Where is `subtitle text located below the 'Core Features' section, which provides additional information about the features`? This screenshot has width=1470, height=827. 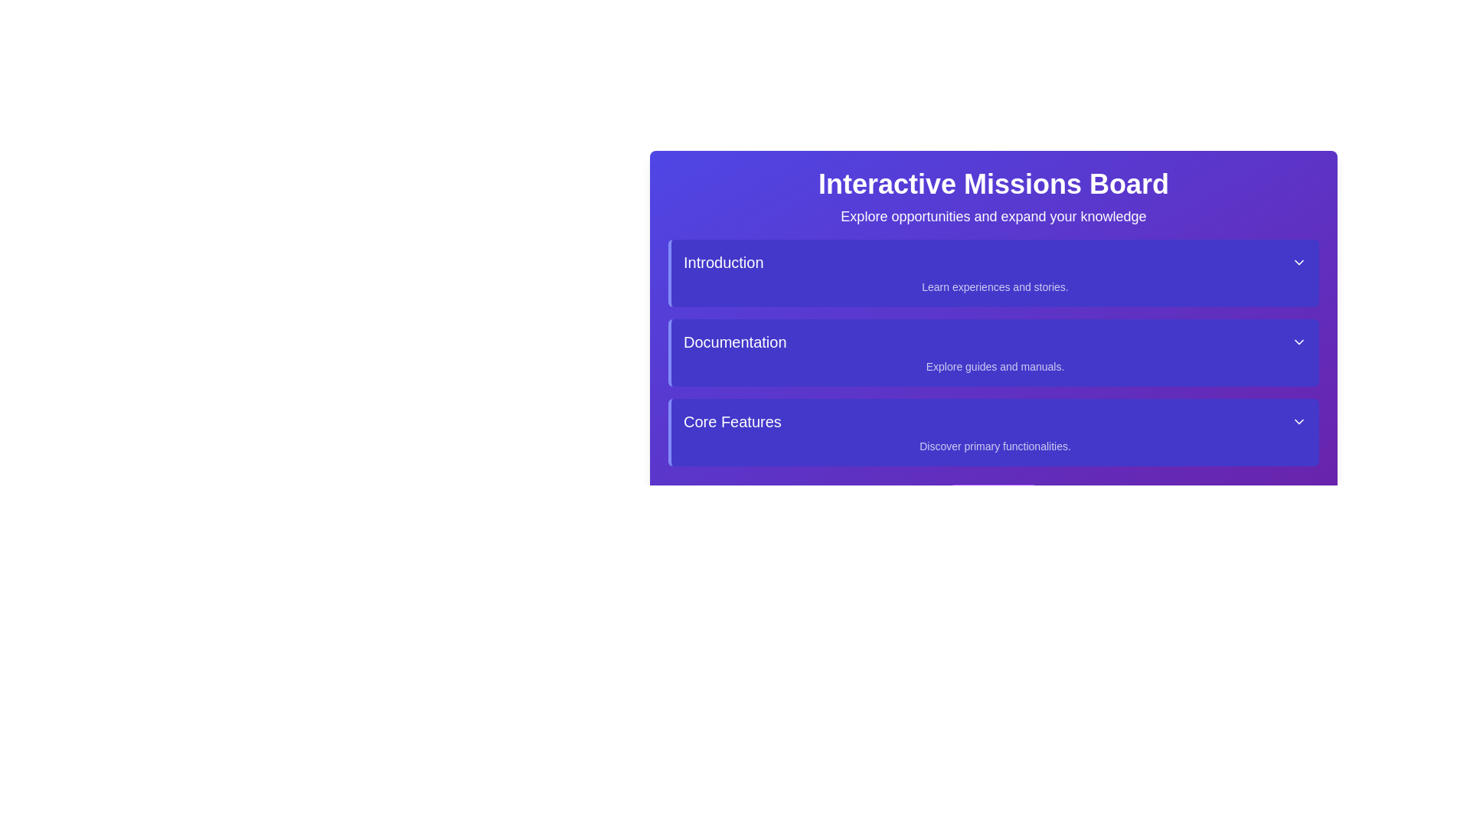
subtitle text located below the 'Core Features' section, which provides additional information about the features is located at coordinates (995, 446).